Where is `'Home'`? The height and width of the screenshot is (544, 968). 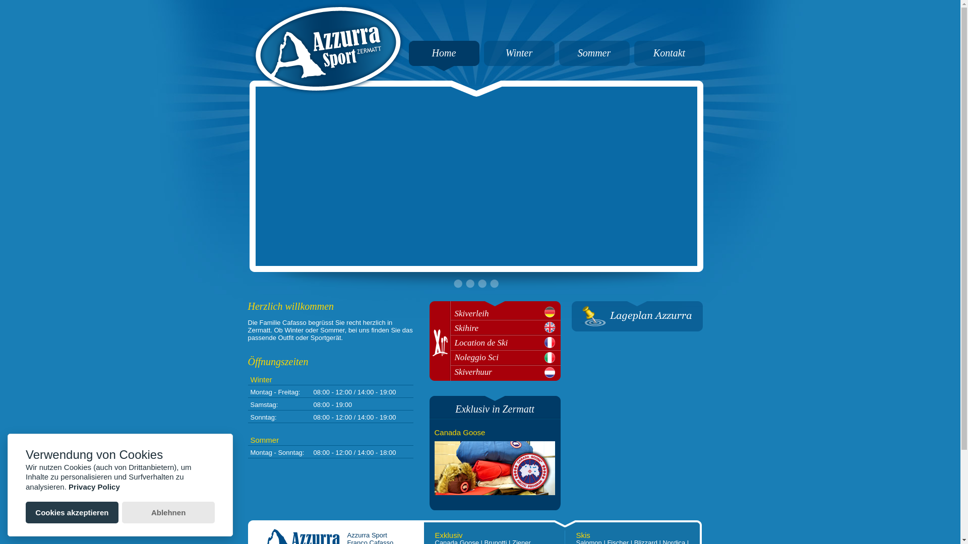 'Home' is located at coordinates (443, 61).